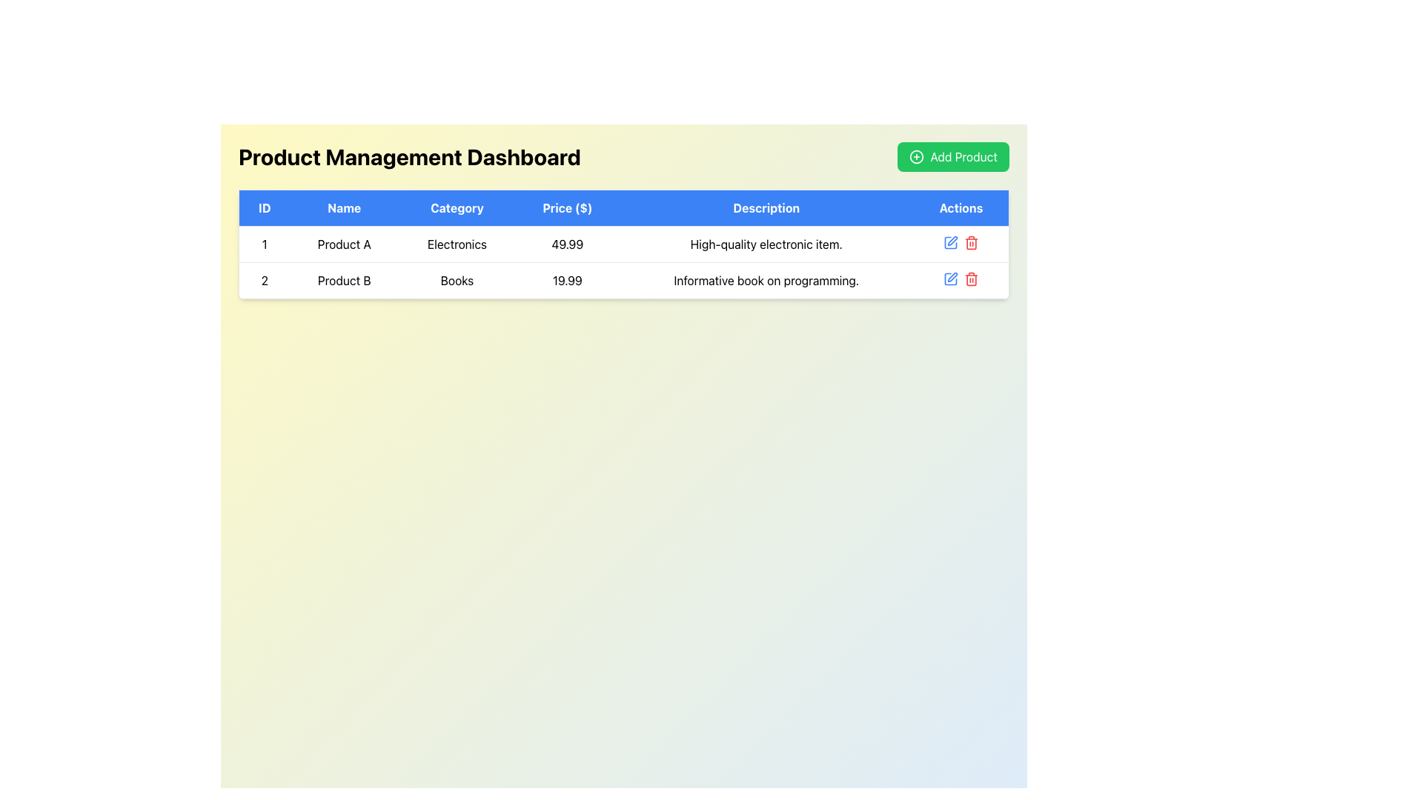 This screenshot has height=800, width=1423. I want to click on the text label displaying the product name 'Product A' located in the second column of the first row in the 'Product Management Dashboard' table, so click(343, 244).